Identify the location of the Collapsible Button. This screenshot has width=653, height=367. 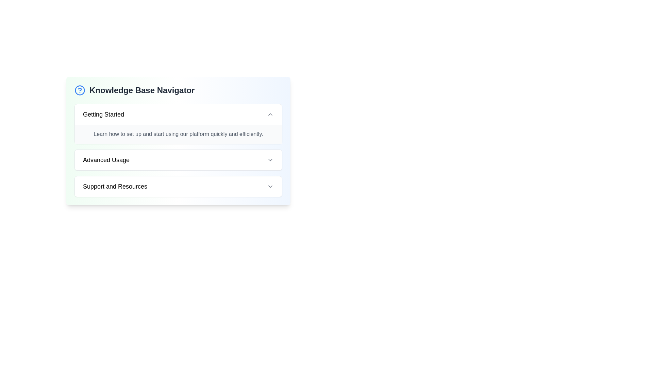
(178, 186).